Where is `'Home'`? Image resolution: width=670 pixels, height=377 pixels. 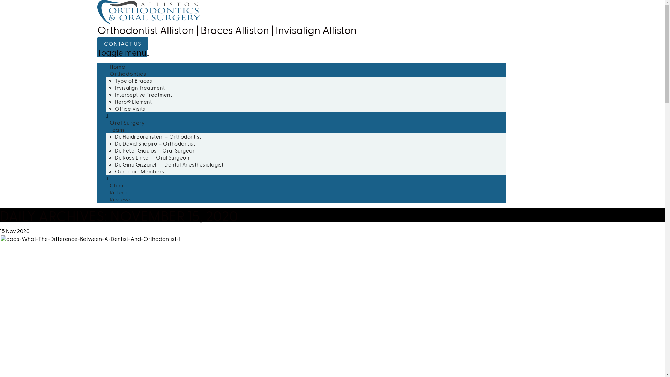 'Home' is located at coordinates (109, 66).